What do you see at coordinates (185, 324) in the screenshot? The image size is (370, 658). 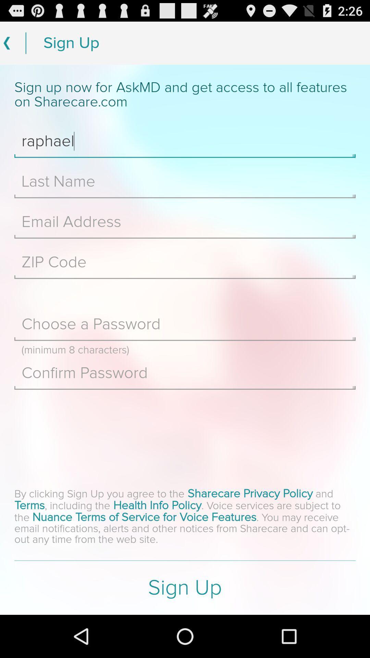 I see `a password` at bounding box center [185, 324].